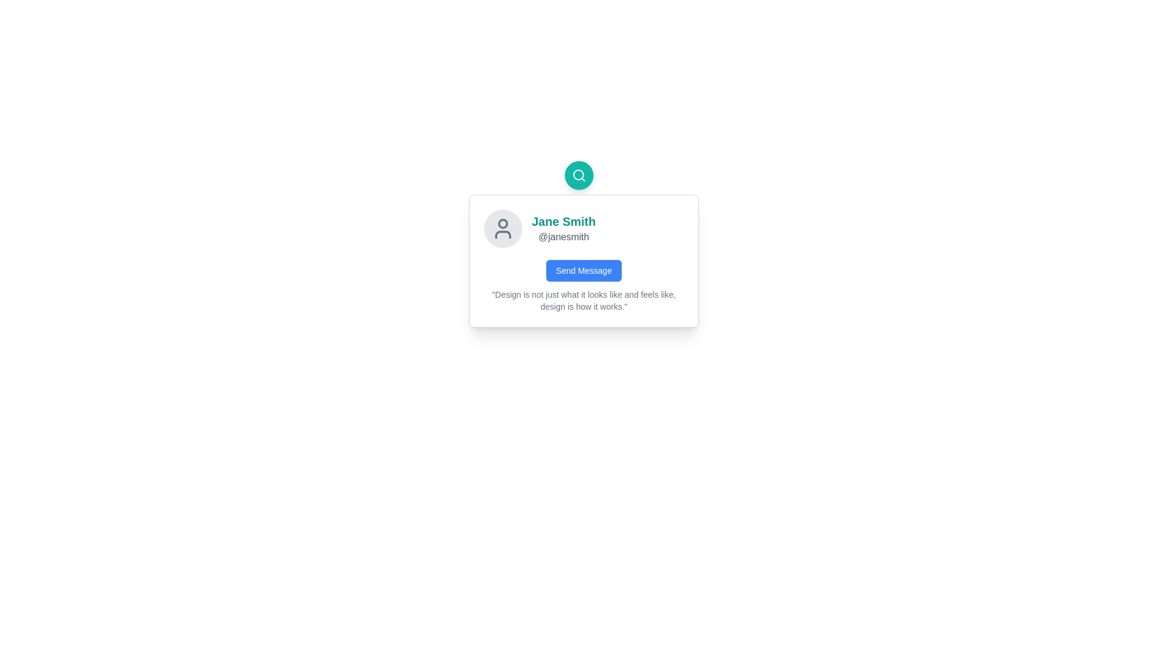 This screenshot has height=647, width=1150. I want to click on the distinct circular teal button with a magnifying glass icon, positioned at the center-top of the profile card, so click(579, 176).